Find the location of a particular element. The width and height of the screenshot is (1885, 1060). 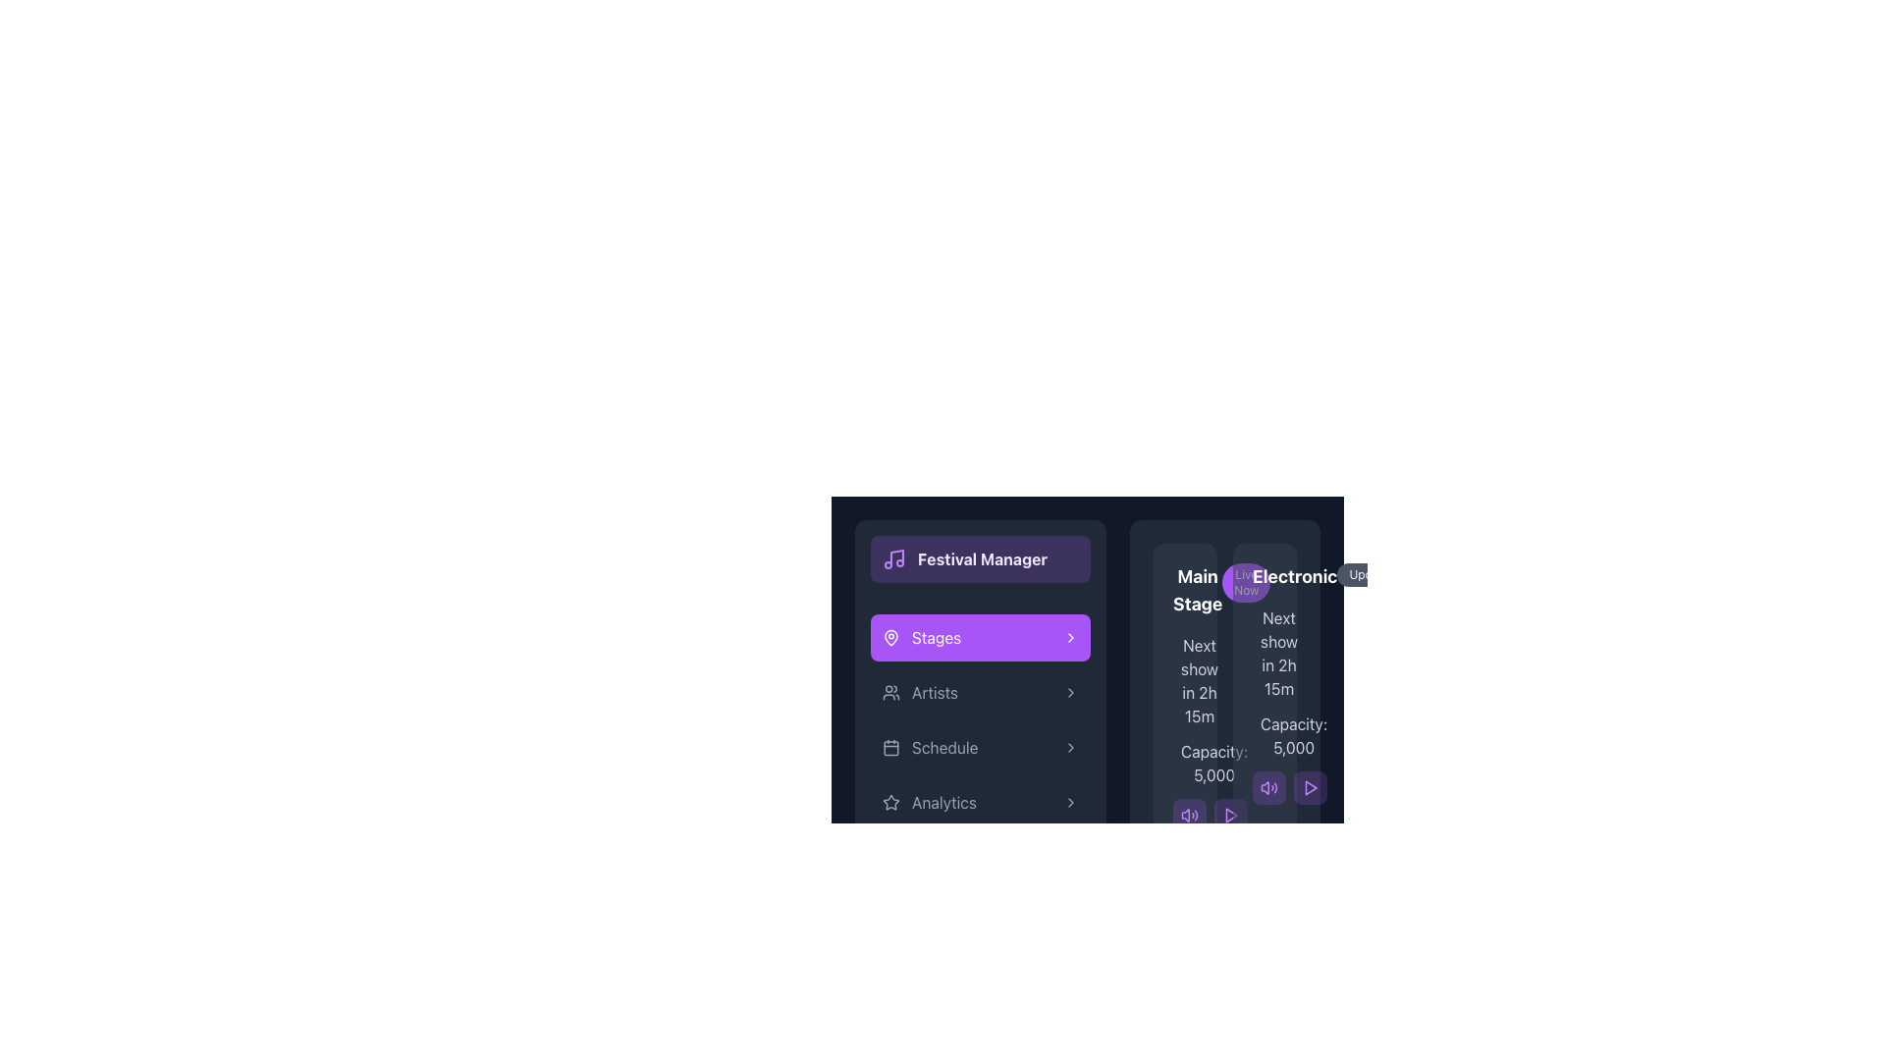

the 'Main Stage' informational card located in the upper left corner of the grid layout is located at coordinates (1184, 696).